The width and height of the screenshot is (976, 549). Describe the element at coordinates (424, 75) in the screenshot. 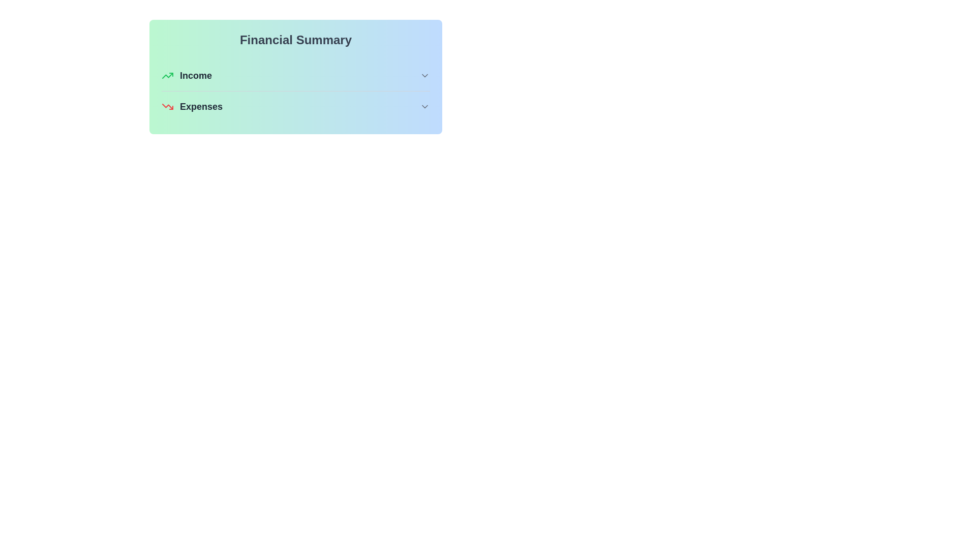

I see `the Chevron icon located on the far right side of the row containing the 'Income' label` at that location.